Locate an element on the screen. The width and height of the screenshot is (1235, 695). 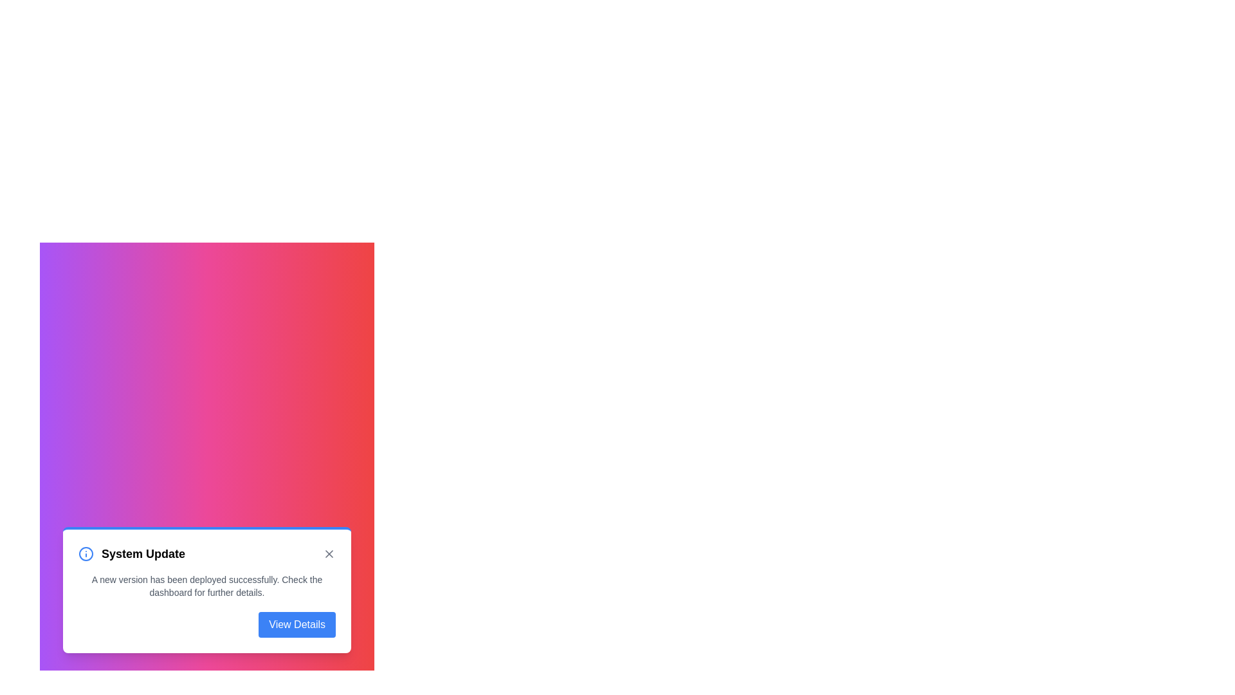
the button located at the bottom-right of the 'System Update' dialog box to observe its hover effect is located at coordinates (297, 624).